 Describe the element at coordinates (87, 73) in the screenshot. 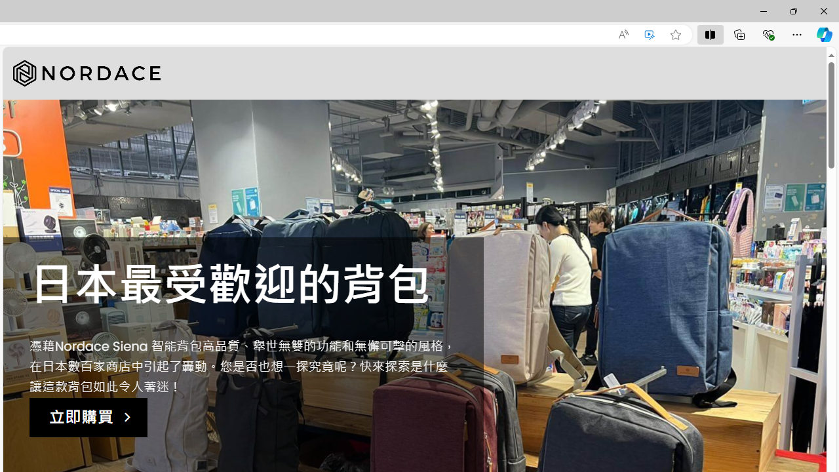

I see `'Nordace'` at that location.